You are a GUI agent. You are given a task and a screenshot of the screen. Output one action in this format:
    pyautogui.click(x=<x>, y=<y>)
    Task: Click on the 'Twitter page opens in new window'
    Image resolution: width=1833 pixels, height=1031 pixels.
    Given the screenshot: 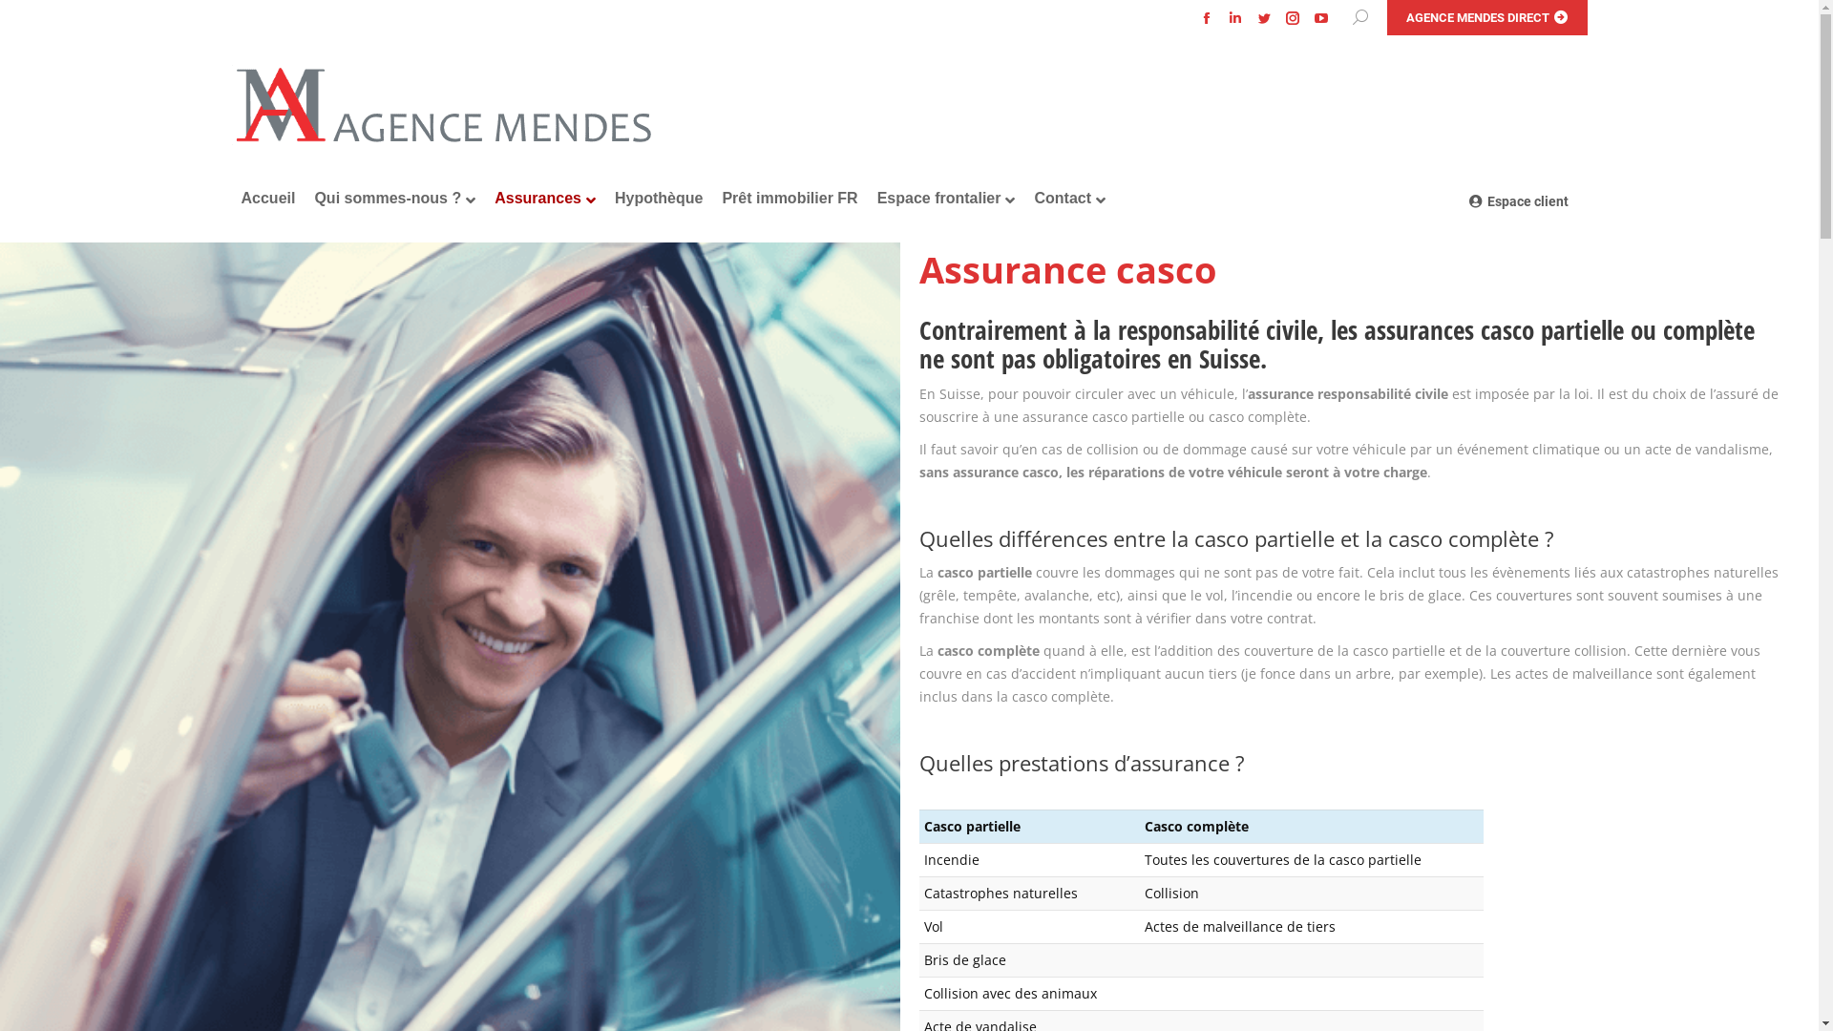 What is the action you would take?
    pyautogui.click(x=1263, y=18)
    